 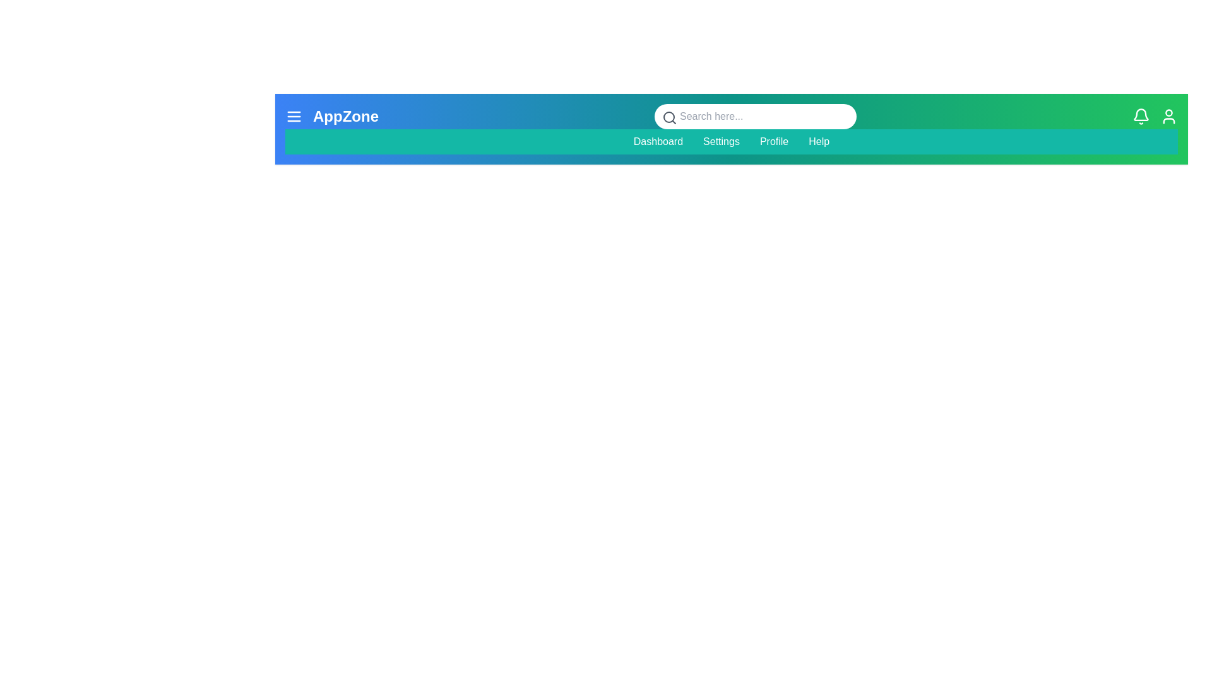 What do you see at coordinates (1141, 117) in the screenshot?
I see `the bell icon to access notifications` at bounding box center [1141, 117].